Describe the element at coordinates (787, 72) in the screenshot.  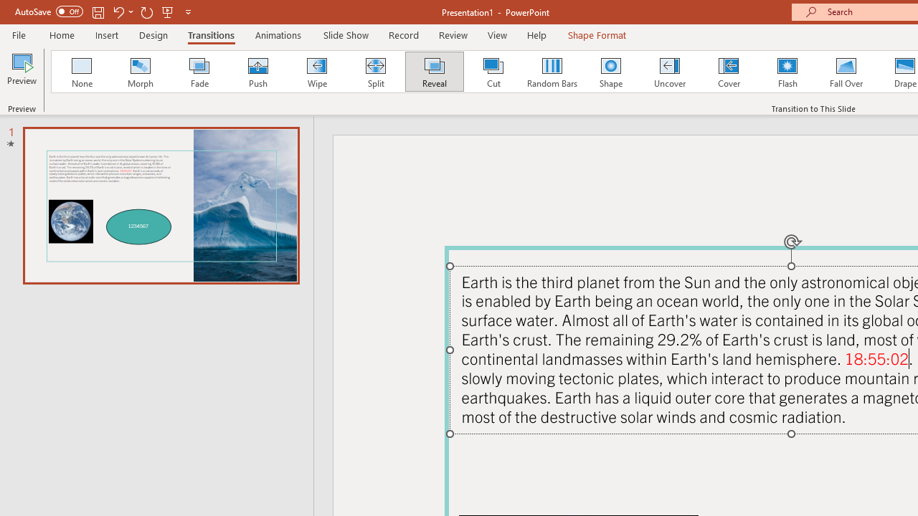
I see `'Flash'` at that location.